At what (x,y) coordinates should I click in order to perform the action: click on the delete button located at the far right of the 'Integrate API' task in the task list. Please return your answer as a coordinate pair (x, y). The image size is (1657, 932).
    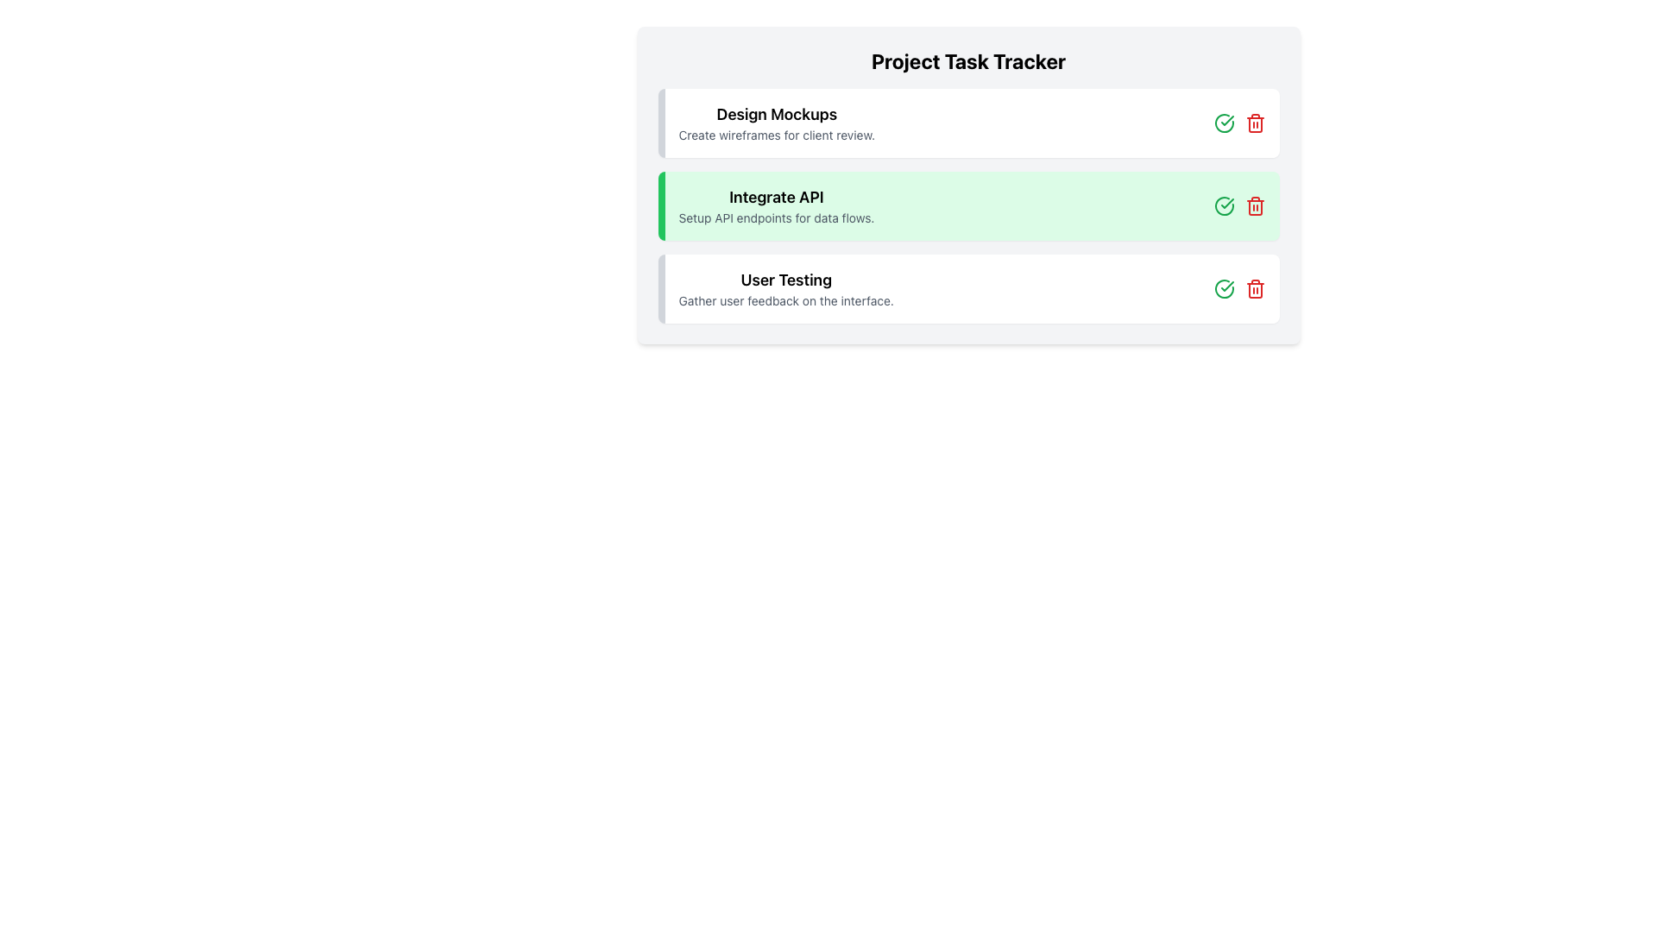
    Looking at the image, I should click on (1255, 122).